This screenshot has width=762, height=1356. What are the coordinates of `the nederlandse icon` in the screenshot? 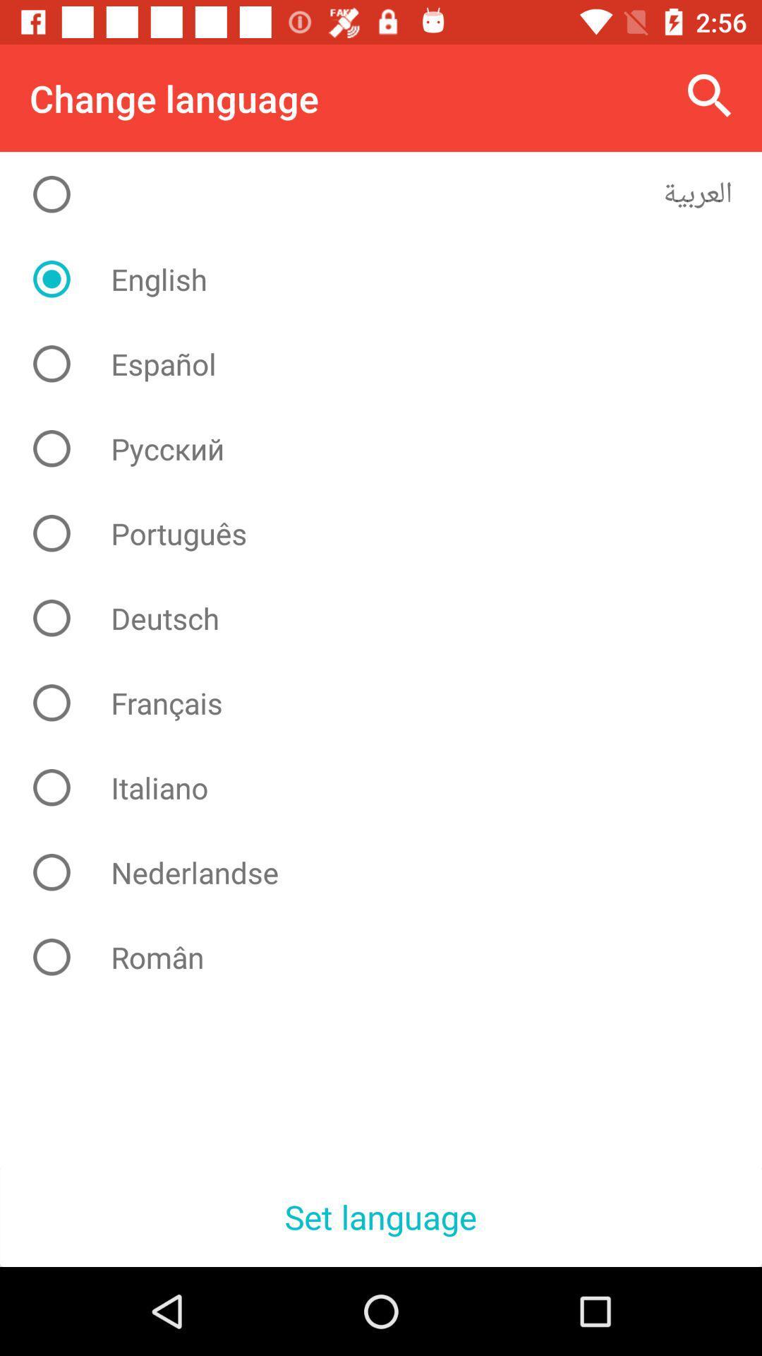 It's located at (392, 872).